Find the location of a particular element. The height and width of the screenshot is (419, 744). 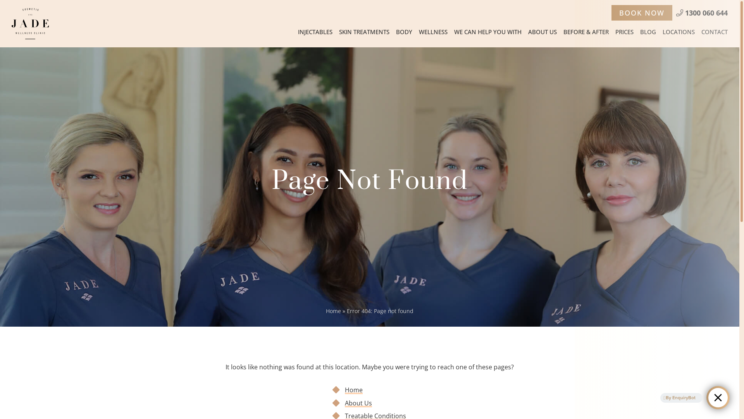

'About Us' is located at coordinates (358, 402).